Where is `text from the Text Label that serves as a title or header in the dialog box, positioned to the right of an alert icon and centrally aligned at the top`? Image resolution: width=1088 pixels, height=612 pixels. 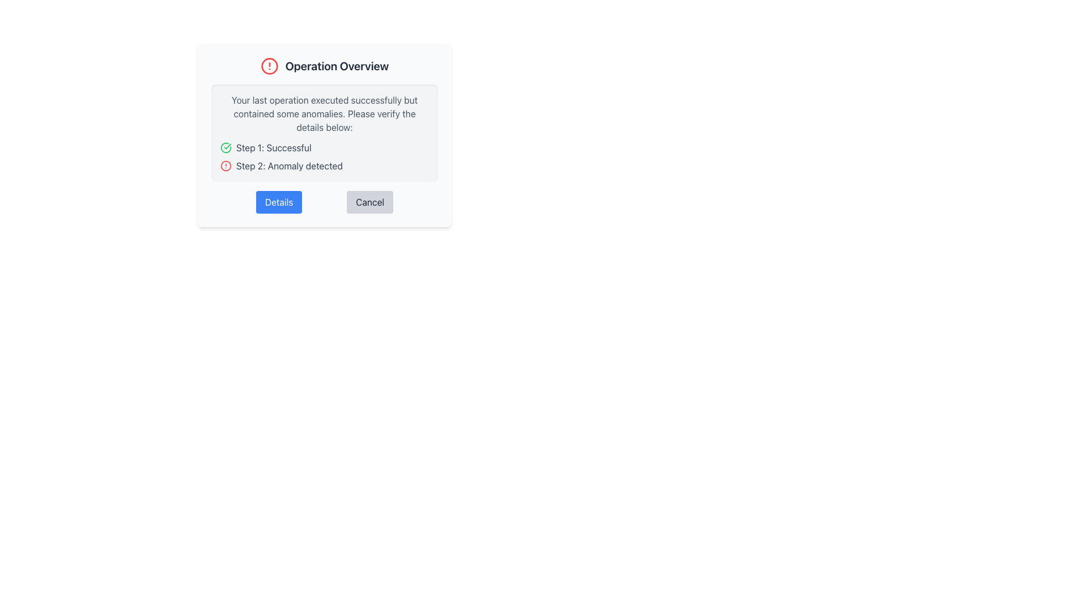
text from the Text Label that serves as a title or header in the dialog box, positioned to the right of an alert icon and centrally aligned at the top is located at coordinates (337, 66).